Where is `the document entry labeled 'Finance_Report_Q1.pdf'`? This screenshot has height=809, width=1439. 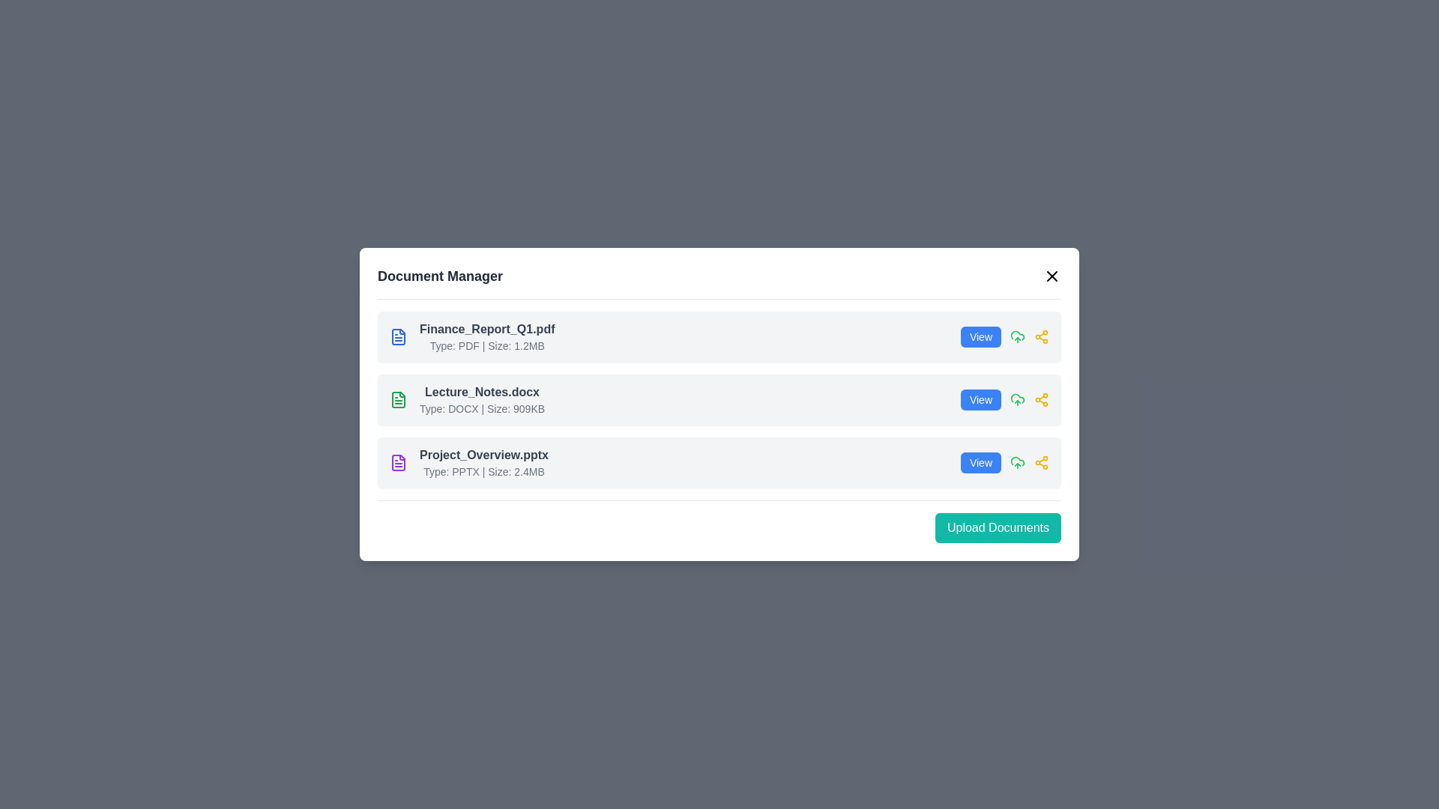
the document entry labeled 'Finance_Report_Q1.pdf' is located at coordinates (487, 337).